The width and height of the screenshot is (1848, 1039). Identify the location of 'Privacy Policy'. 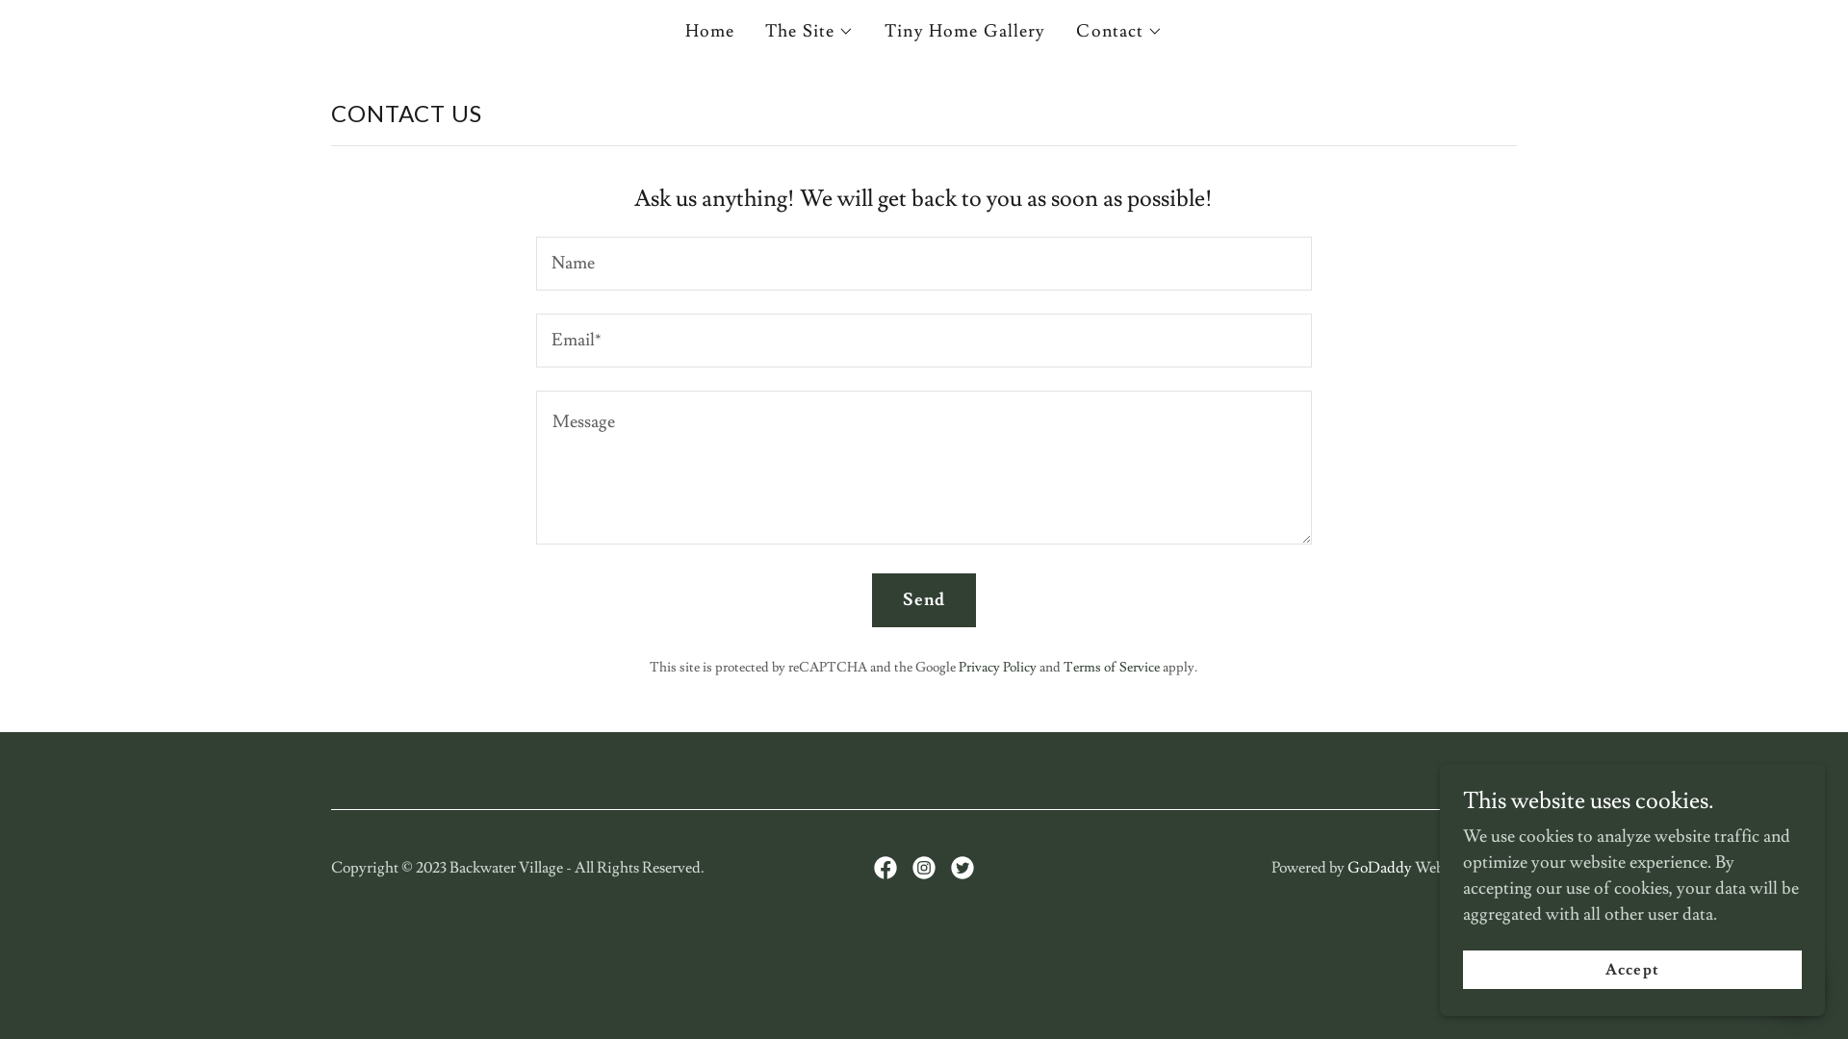
(959, 667).